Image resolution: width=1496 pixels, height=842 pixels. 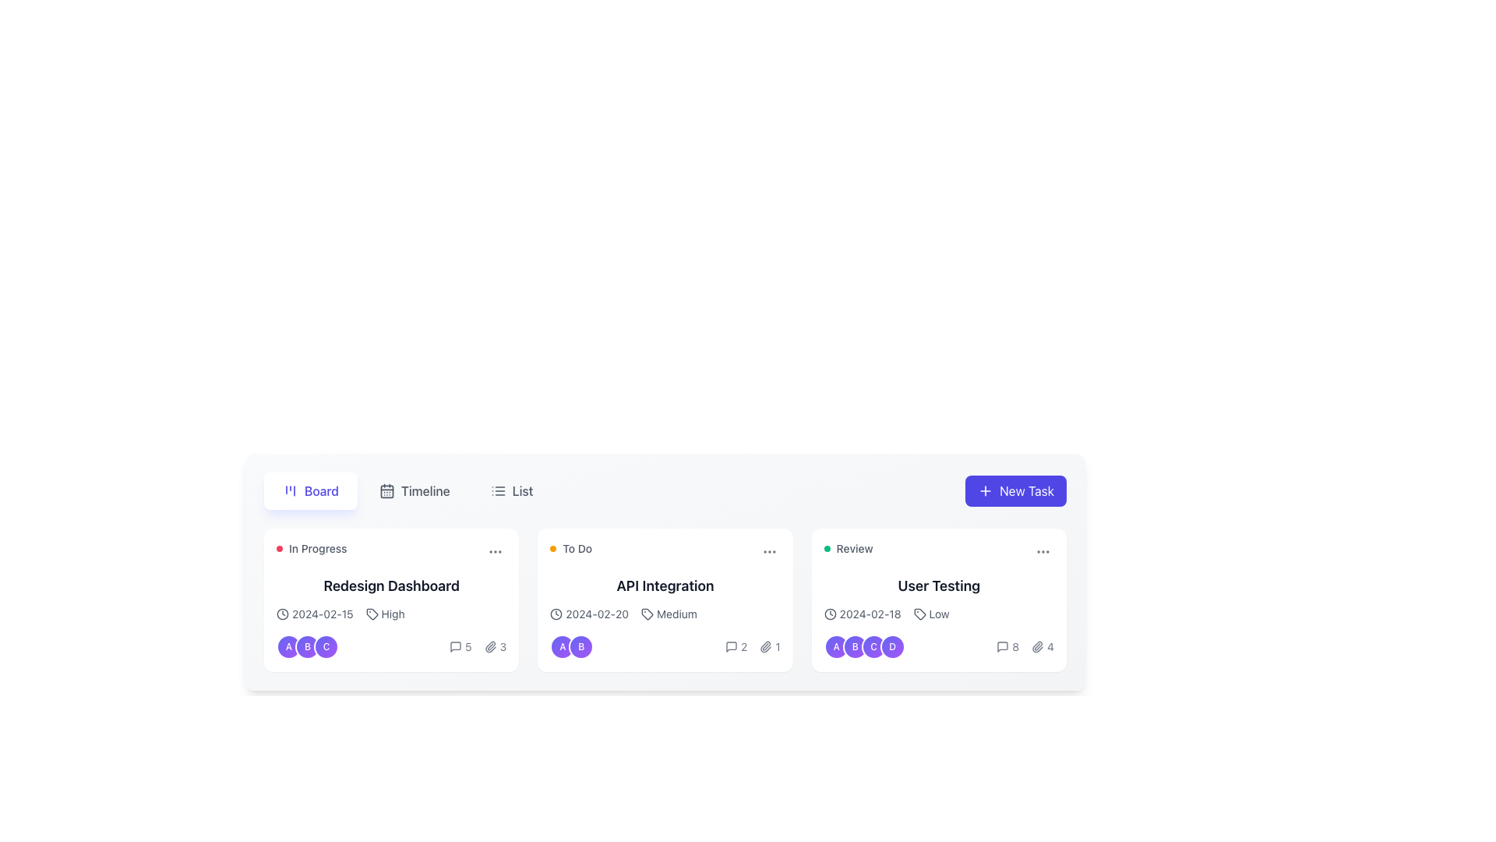 I want to click on the text label indicating the current status of an item or task, which shows 'In Progress', located in the first card of a multi-card layout, to the right of a small red circular icon and above the card title 'Redesign Dashboard', so click(x=317, y=548).